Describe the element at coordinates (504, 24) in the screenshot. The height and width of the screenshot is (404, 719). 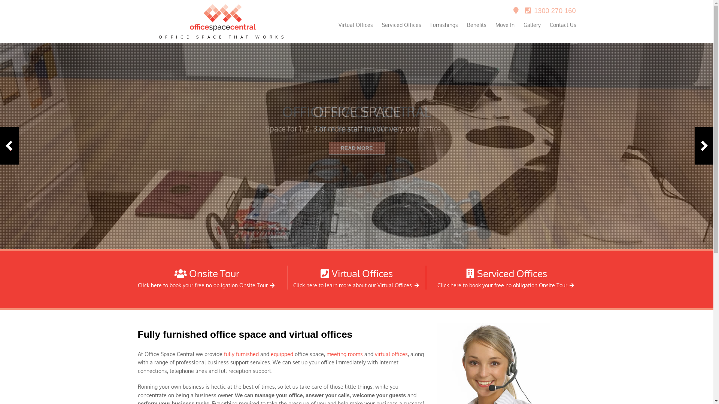
I see `'Move In'` at that location.